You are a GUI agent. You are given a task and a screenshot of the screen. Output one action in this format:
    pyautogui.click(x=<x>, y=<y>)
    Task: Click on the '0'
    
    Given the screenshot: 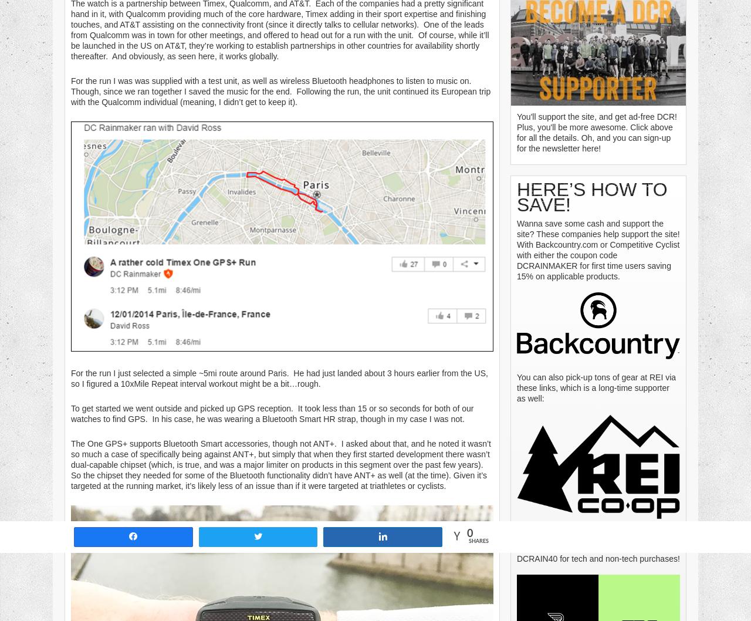 What is the action you would take?
    pyautogui.click(x=470, y=534)
    